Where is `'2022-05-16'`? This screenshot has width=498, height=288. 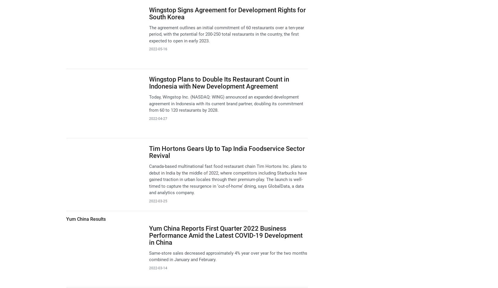 '2022-05-16' is located at coordinates (149, 49).